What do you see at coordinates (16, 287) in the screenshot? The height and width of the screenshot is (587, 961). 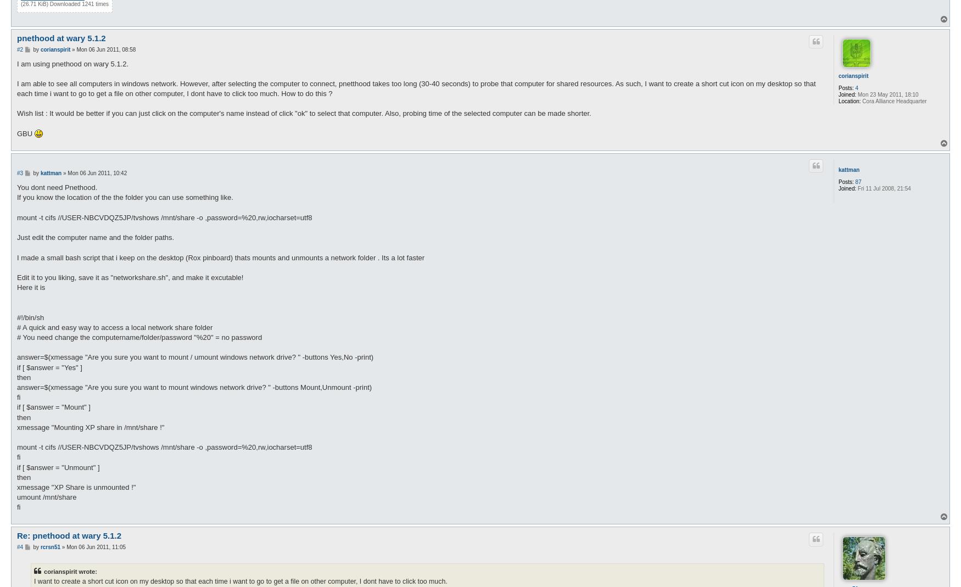 I see `'Here it is'` at bounding box center [16, 287].